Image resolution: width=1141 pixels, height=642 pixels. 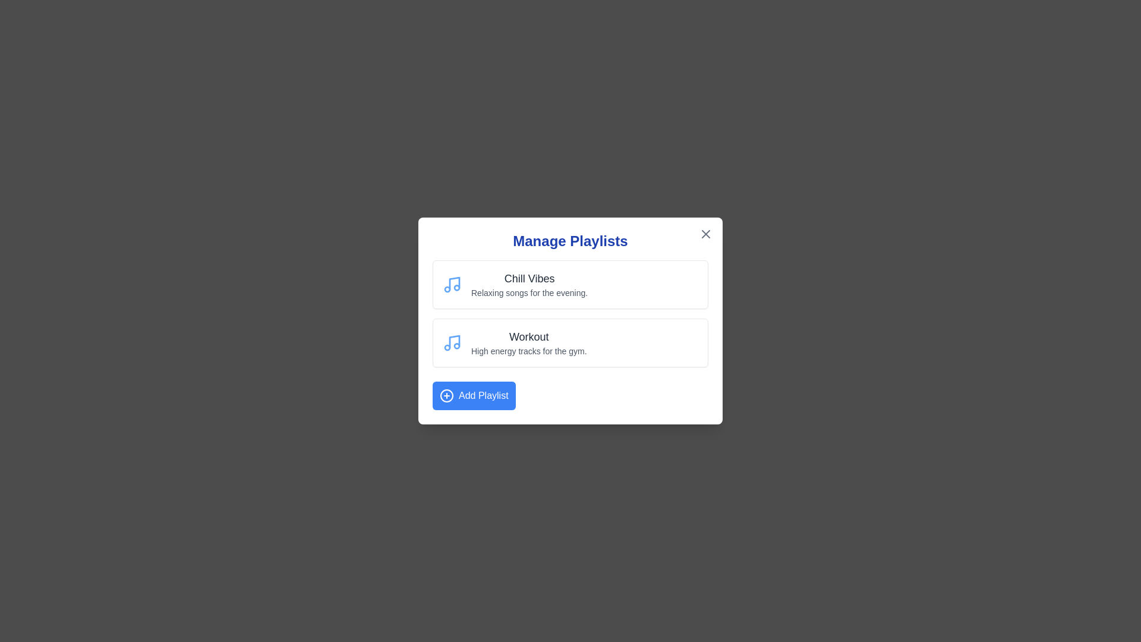 What do you see at coordinates (528, 337) in the screenshot?
I see `the text label displaying 'Workout', which is prominently styled in dark gray and located below 'Chill Vibes' in the second playlist entry` at bounding box center [528, 337].